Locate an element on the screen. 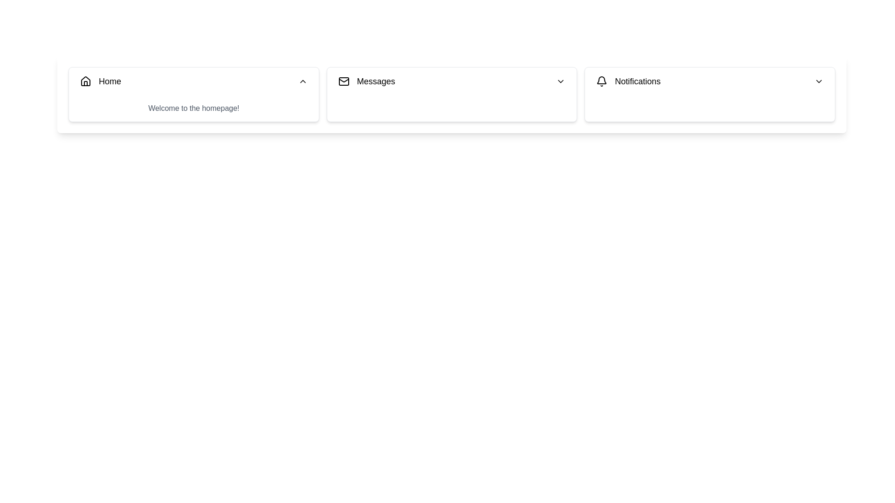 The image size is (895, 503). the chevron icon that toggles the dropdown menu for notifications, located to the right of the 'Notifications' label is located at coordinates (818, 81).